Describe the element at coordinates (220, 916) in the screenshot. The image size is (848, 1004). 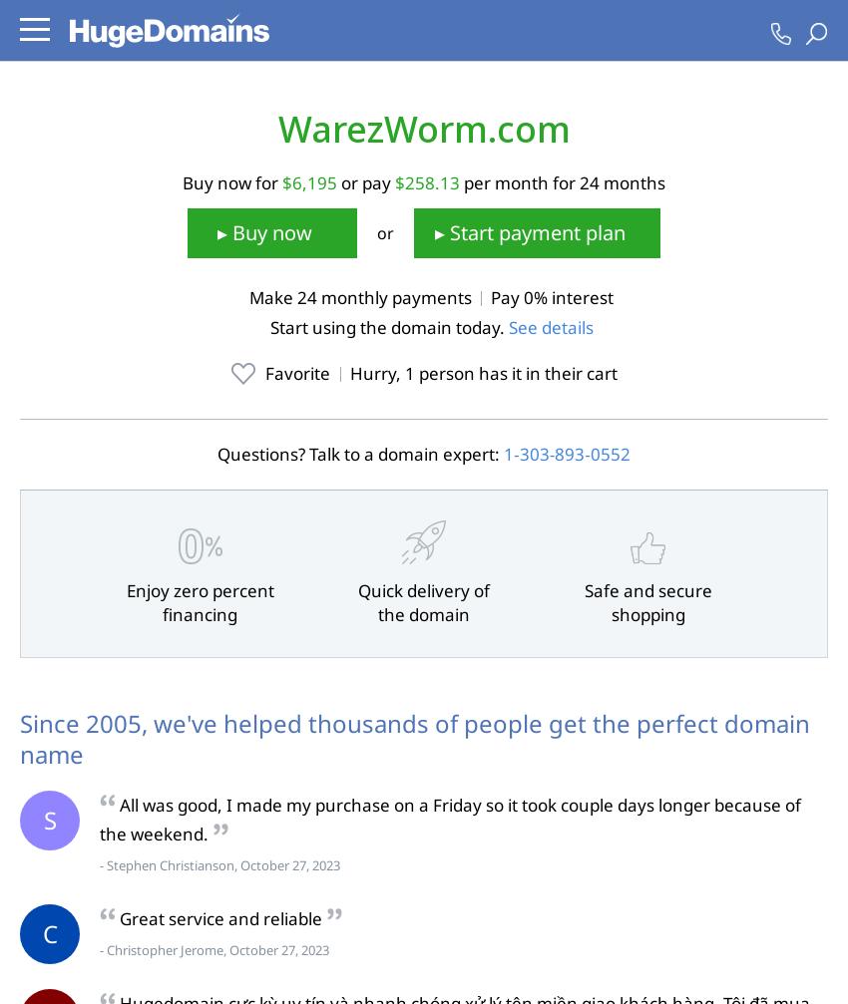
I see `'Great service and reliable'` at that location.